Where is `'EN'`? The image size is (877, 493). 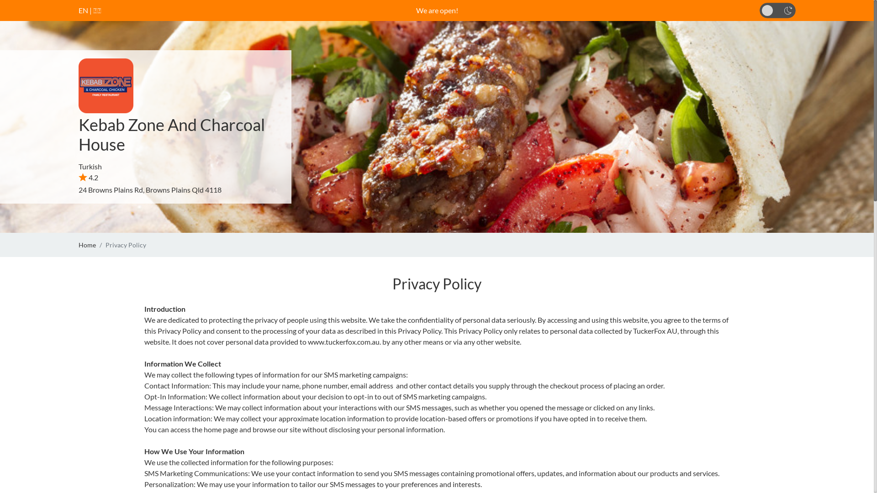 'EN' is located at coordinates (83, 10).